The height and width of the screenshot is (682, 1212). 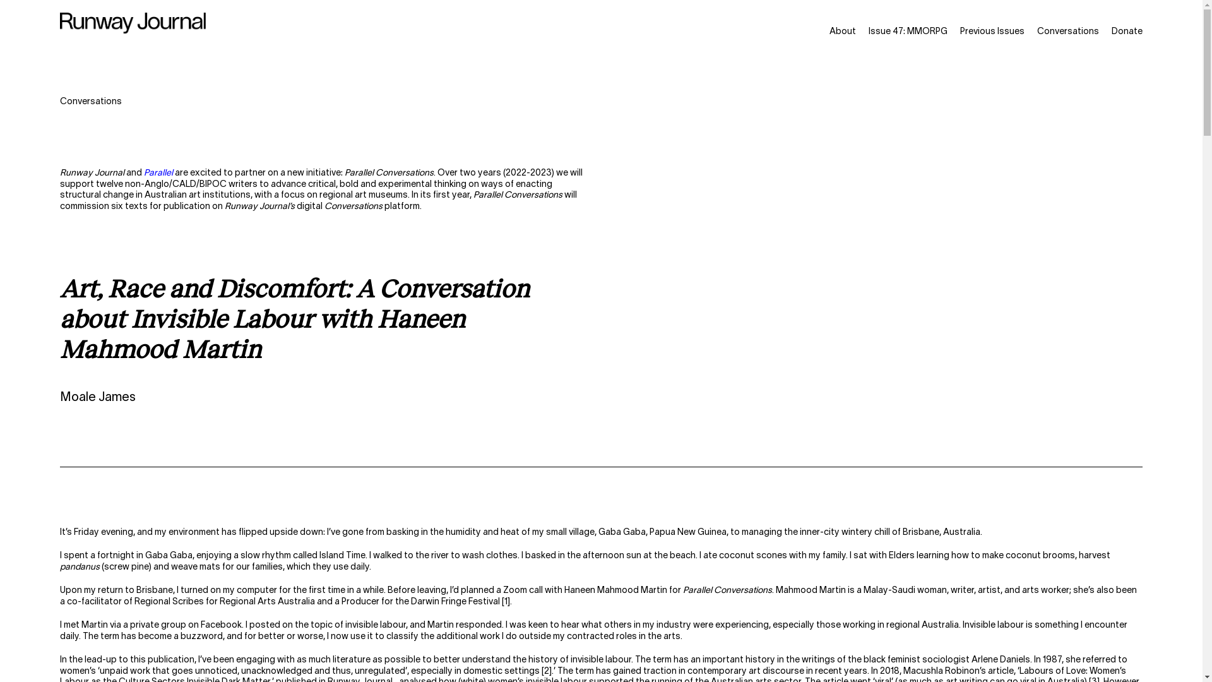 What do you see at coordinates (842, 31) in the screenshot?
I see `'About'` at bounding box center [842, 31].